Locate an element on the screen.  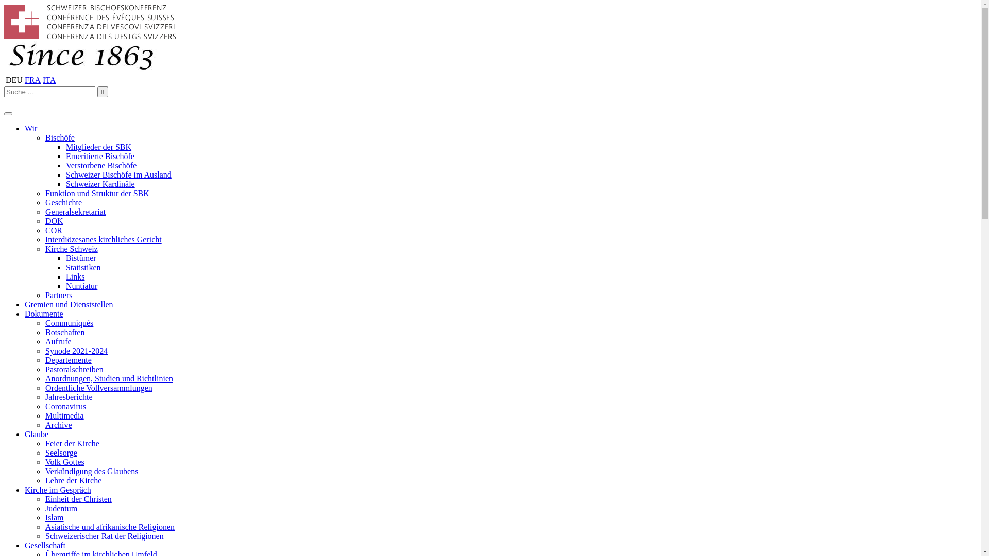
'Archive' is located at coordinates (58, 425).